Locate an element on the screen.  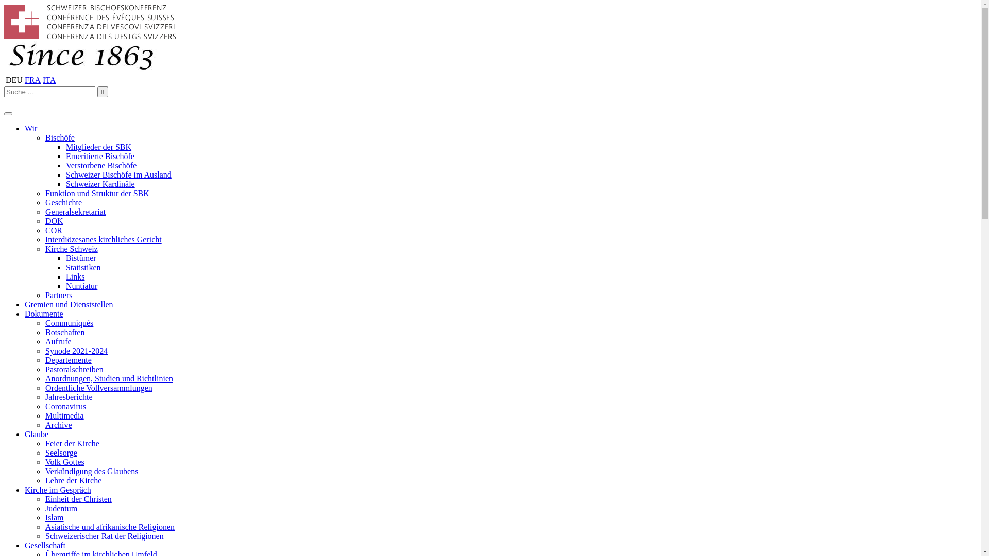
'Archive' is located at coordinates (58, 425).